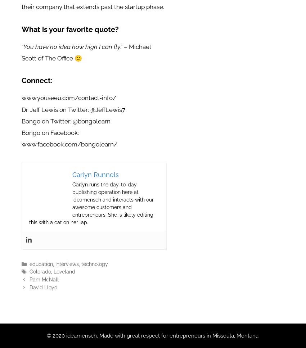 This screenshot has width=306, height=348. I want to click on '© 2020 ideamensch. Made with great respect for entrepreneurs in Missoula, Montana.', so click(153, 335).